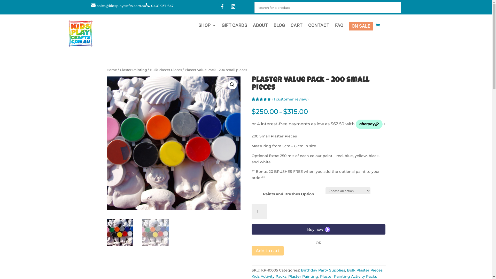  Describe the element at coordinates (279, 27) in the screenshot. I see `'BLOG'` at that location.